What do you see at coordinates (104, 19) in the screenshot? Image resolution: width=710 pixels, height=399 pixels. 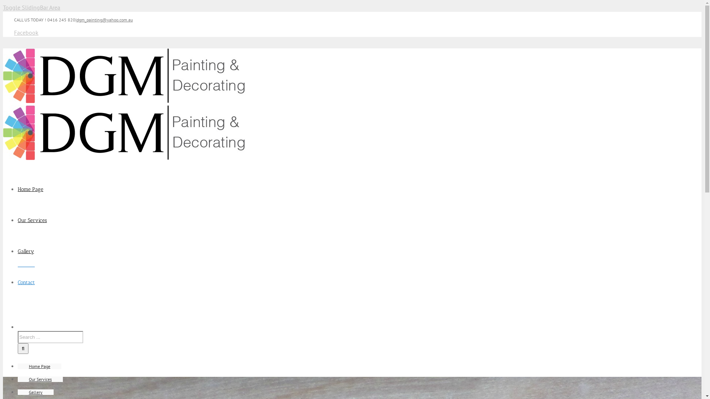 I see `'dgm_painting@yahoo.com.au'` at bounding box center [104, 19].